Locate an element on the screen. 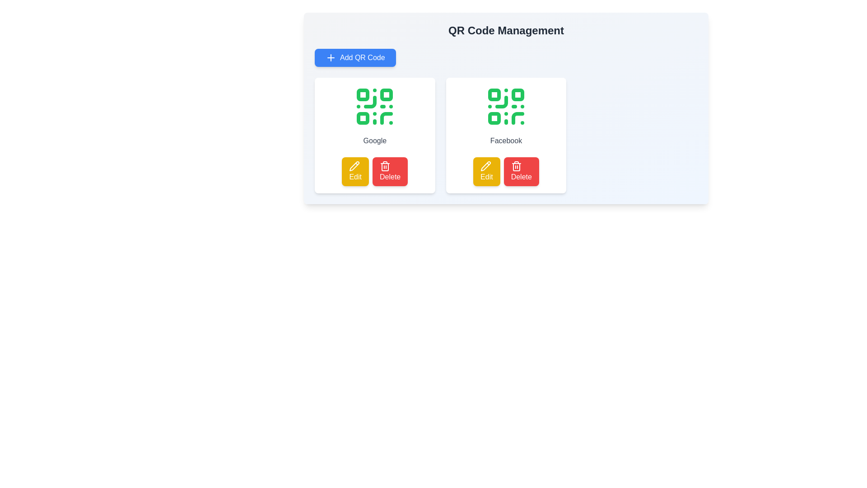  the graphic element located in the bottom-left quadrant of the right-most QR code icon on the interface is located at coordinates (494, 118).